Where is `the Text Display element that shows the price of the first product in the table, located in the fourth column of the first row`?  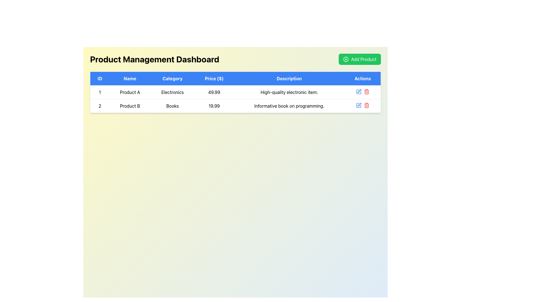 the Text Display element that shows the price of the first product in the table, located in the fourth column of the first row is located at coordinates (214, 92).